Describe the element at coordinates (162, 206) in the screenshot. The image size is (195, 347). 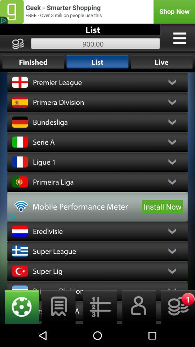
I see `item below the  primeira liga icon` at that location.